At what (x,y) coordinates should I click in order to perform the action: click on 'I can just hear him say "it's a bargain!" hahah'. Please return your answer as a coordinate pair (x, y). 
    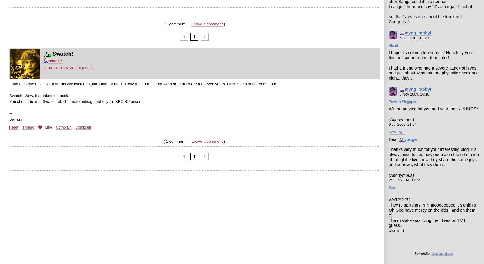
    Looking at the image, I should click on (388, 6).